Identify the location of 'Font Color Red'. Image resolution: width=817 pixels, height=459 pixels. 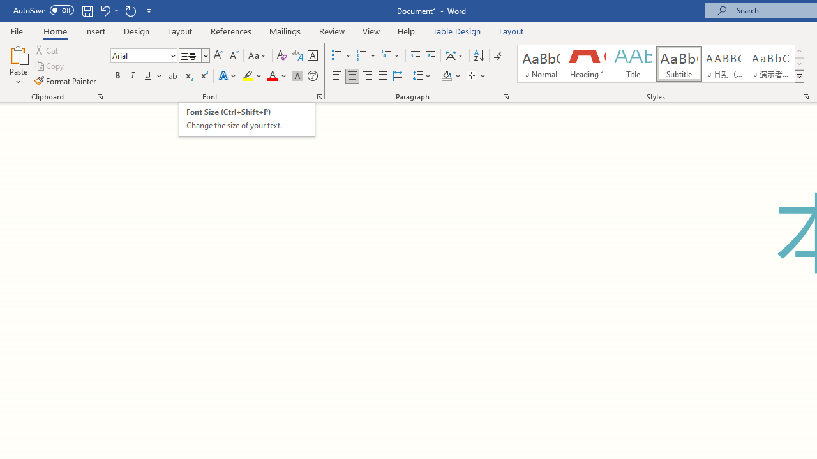
(271, 76).